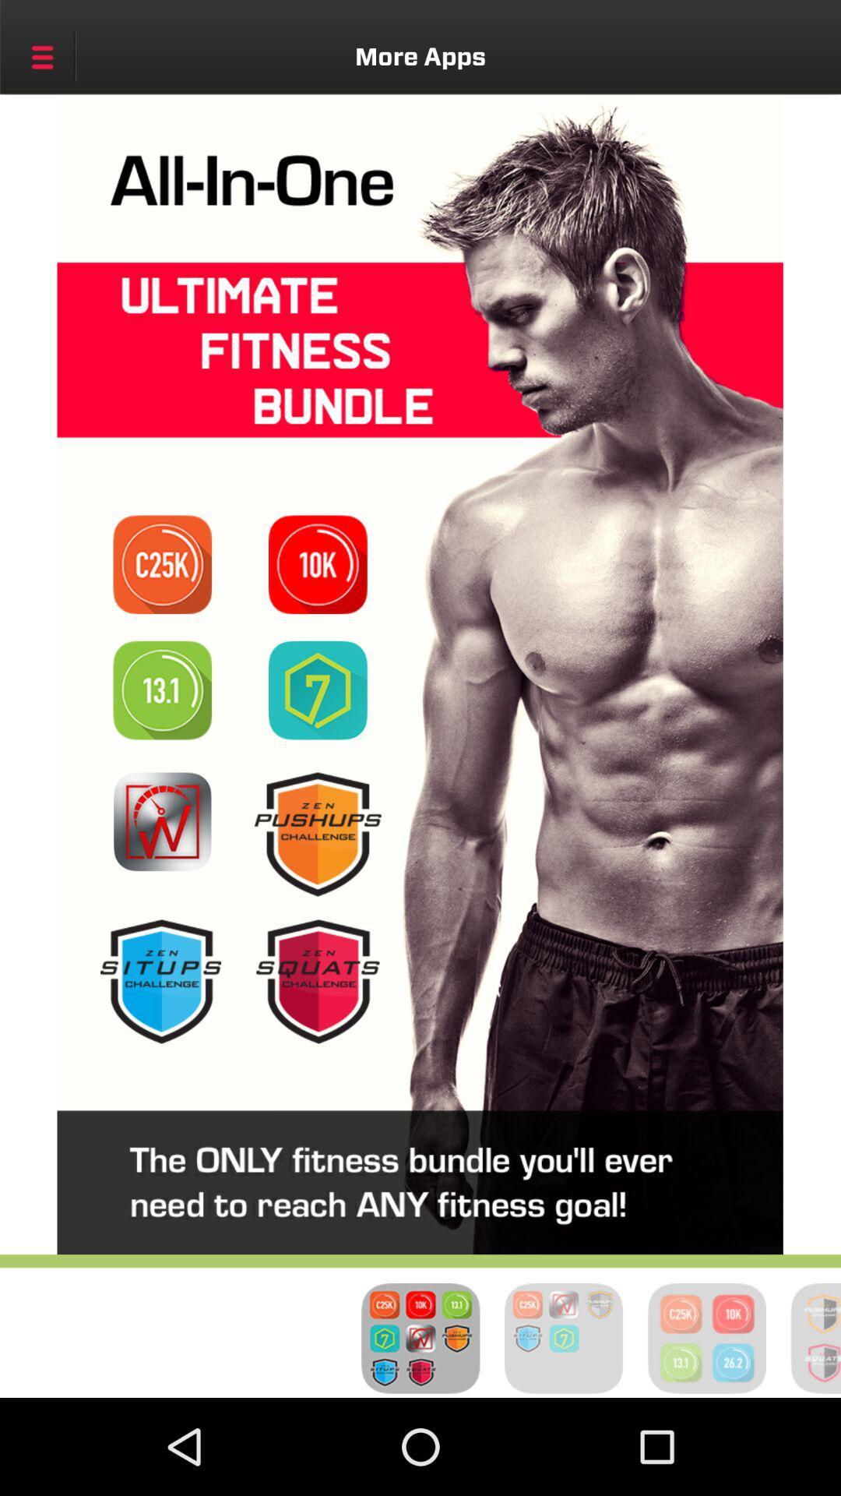  What do you see at coordinates (317, 563) in the screenshot?
I see `field` at bounding box center [317, 563].